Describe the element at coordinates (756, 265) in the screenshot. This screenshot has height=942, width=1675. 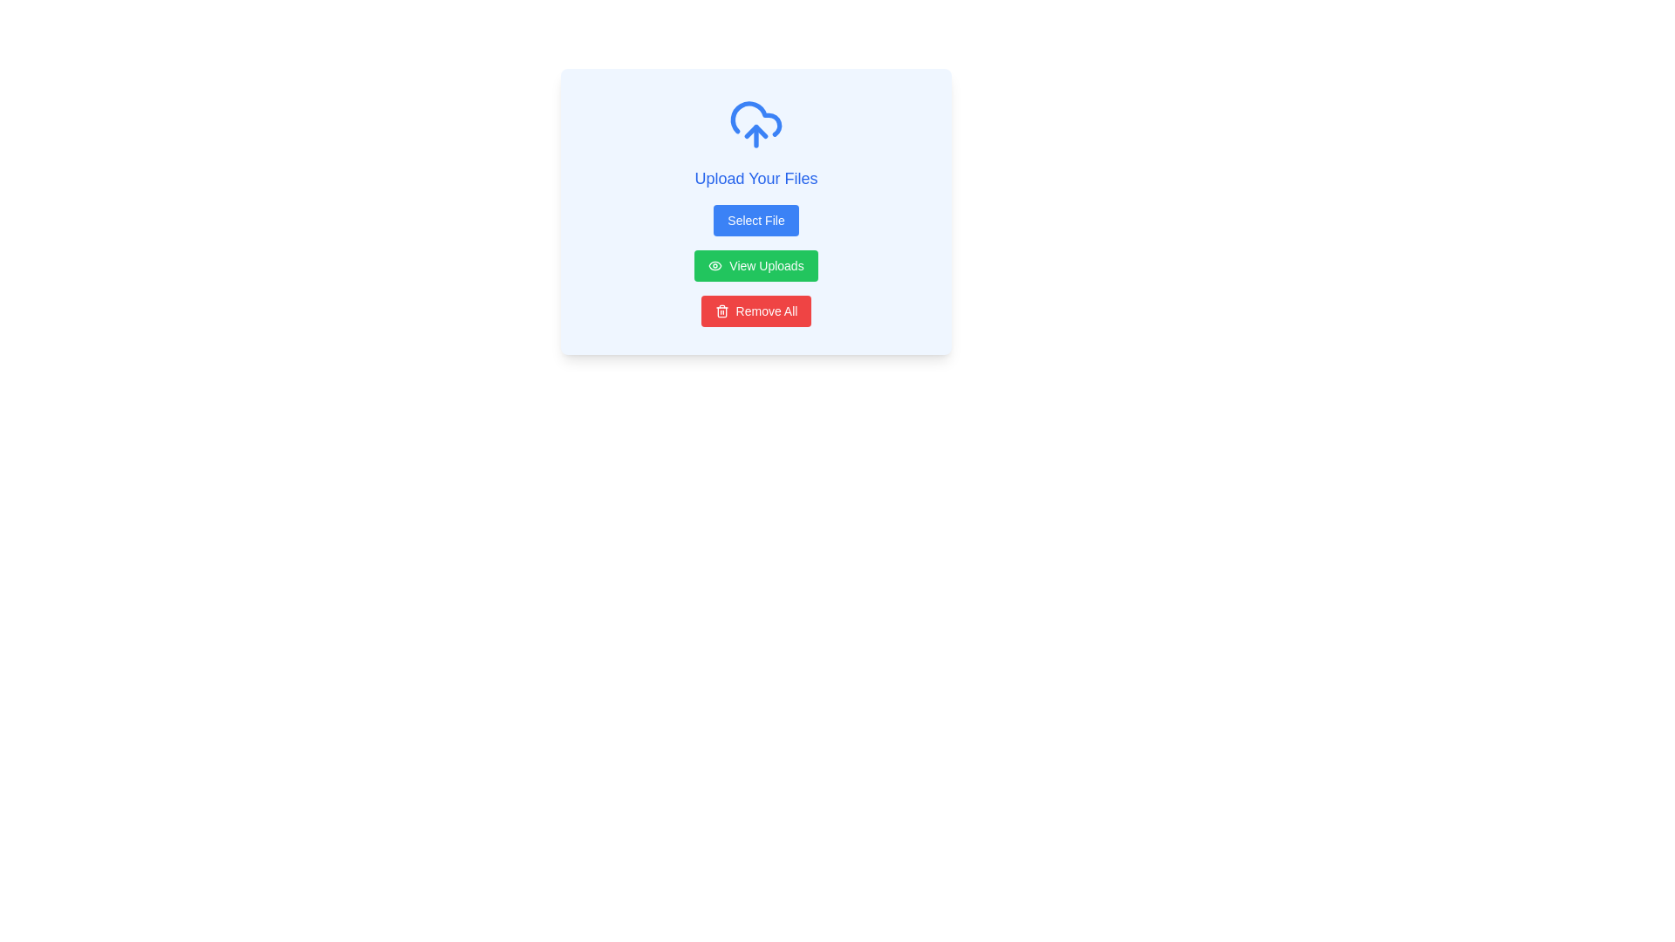
I see `the button located below the 'Select File' button and above the 'Remove All' button` at that location.